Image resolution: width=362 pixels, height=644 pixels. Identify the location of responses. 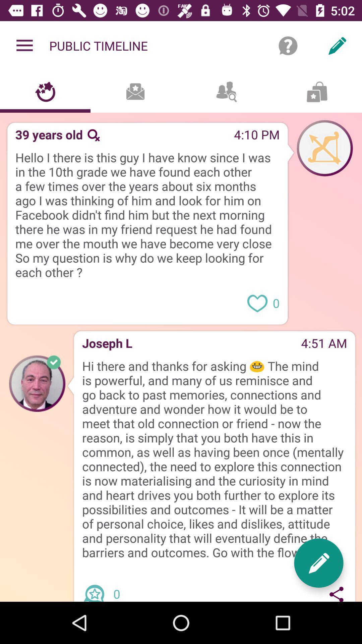
(97, 587).